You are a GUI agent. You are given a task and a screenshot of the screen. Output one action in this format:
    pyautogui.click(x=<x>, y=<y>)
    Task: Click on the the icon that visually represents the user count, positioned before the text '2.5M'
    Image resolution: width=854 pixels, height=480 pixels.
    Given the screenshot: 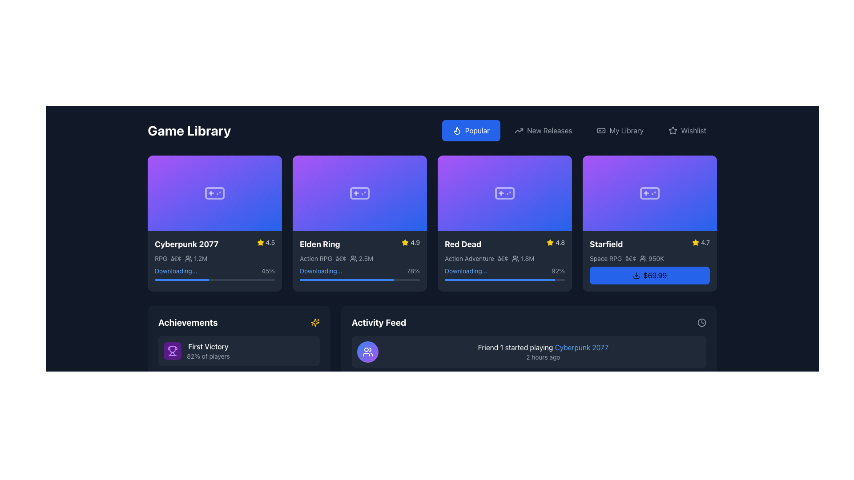 What is the action you would take?
    pyautogui.click(x=353, y=258)
    